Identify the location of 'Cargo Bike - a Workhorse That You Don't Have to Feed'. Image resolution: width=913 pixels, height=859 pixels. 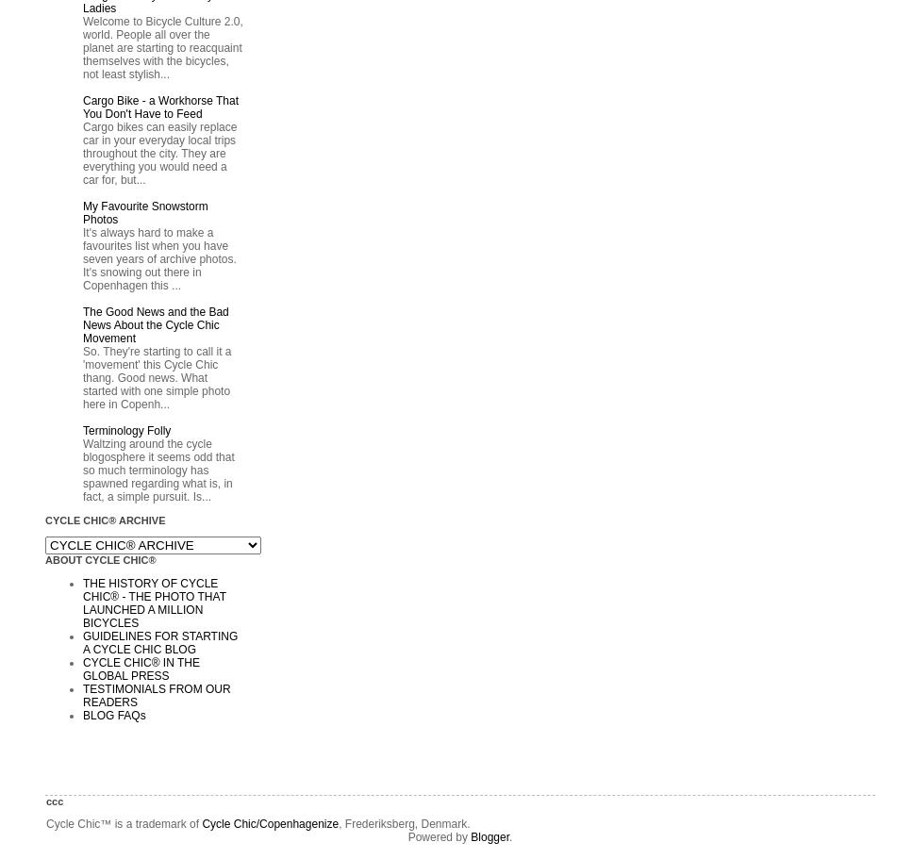
(159, 106).